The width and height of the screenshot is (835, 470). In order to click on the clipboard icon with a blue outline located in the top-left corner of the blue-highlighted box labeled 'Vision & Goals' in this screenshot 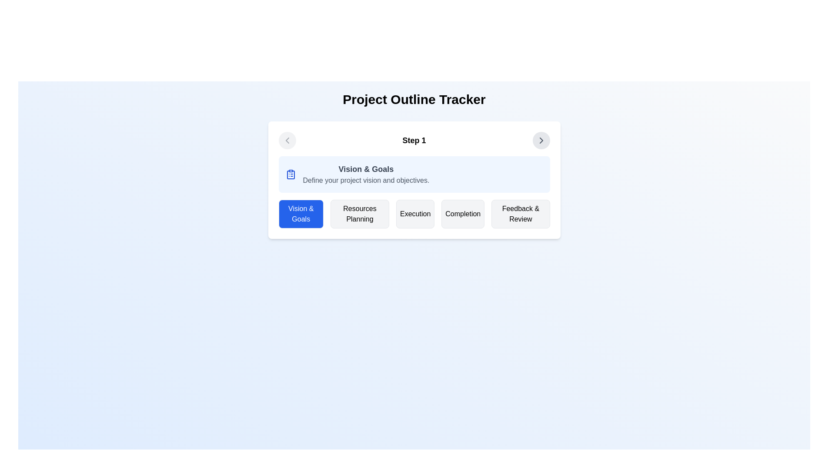, I will do `click(291, 175)`.